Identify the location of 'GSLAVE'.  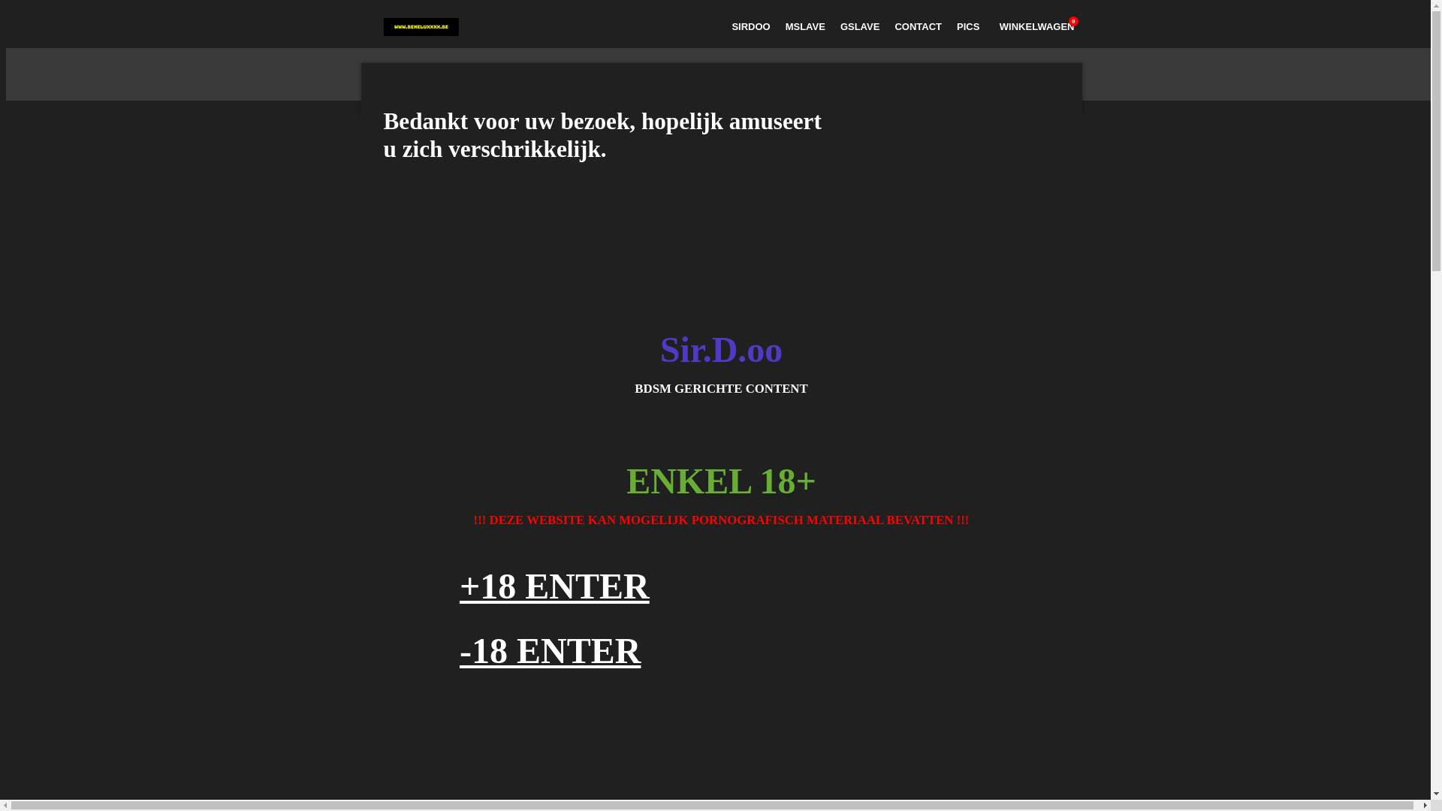
(860, 26).